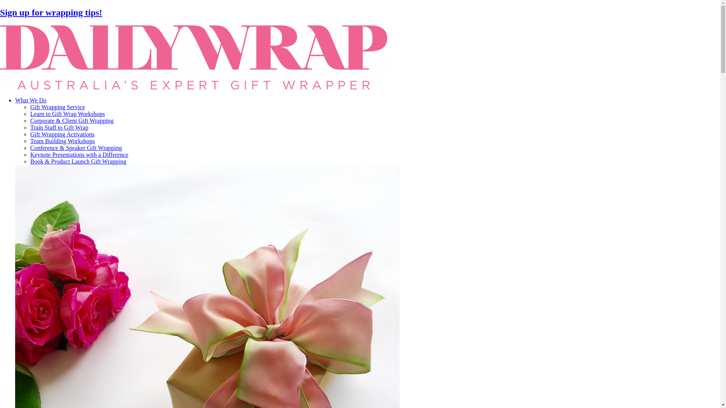  What do you see at coordinates (30, 148) in the screenshot?
I see `'Conference & Speaker Gift Wrapping'` at bounding box center [30, 148].